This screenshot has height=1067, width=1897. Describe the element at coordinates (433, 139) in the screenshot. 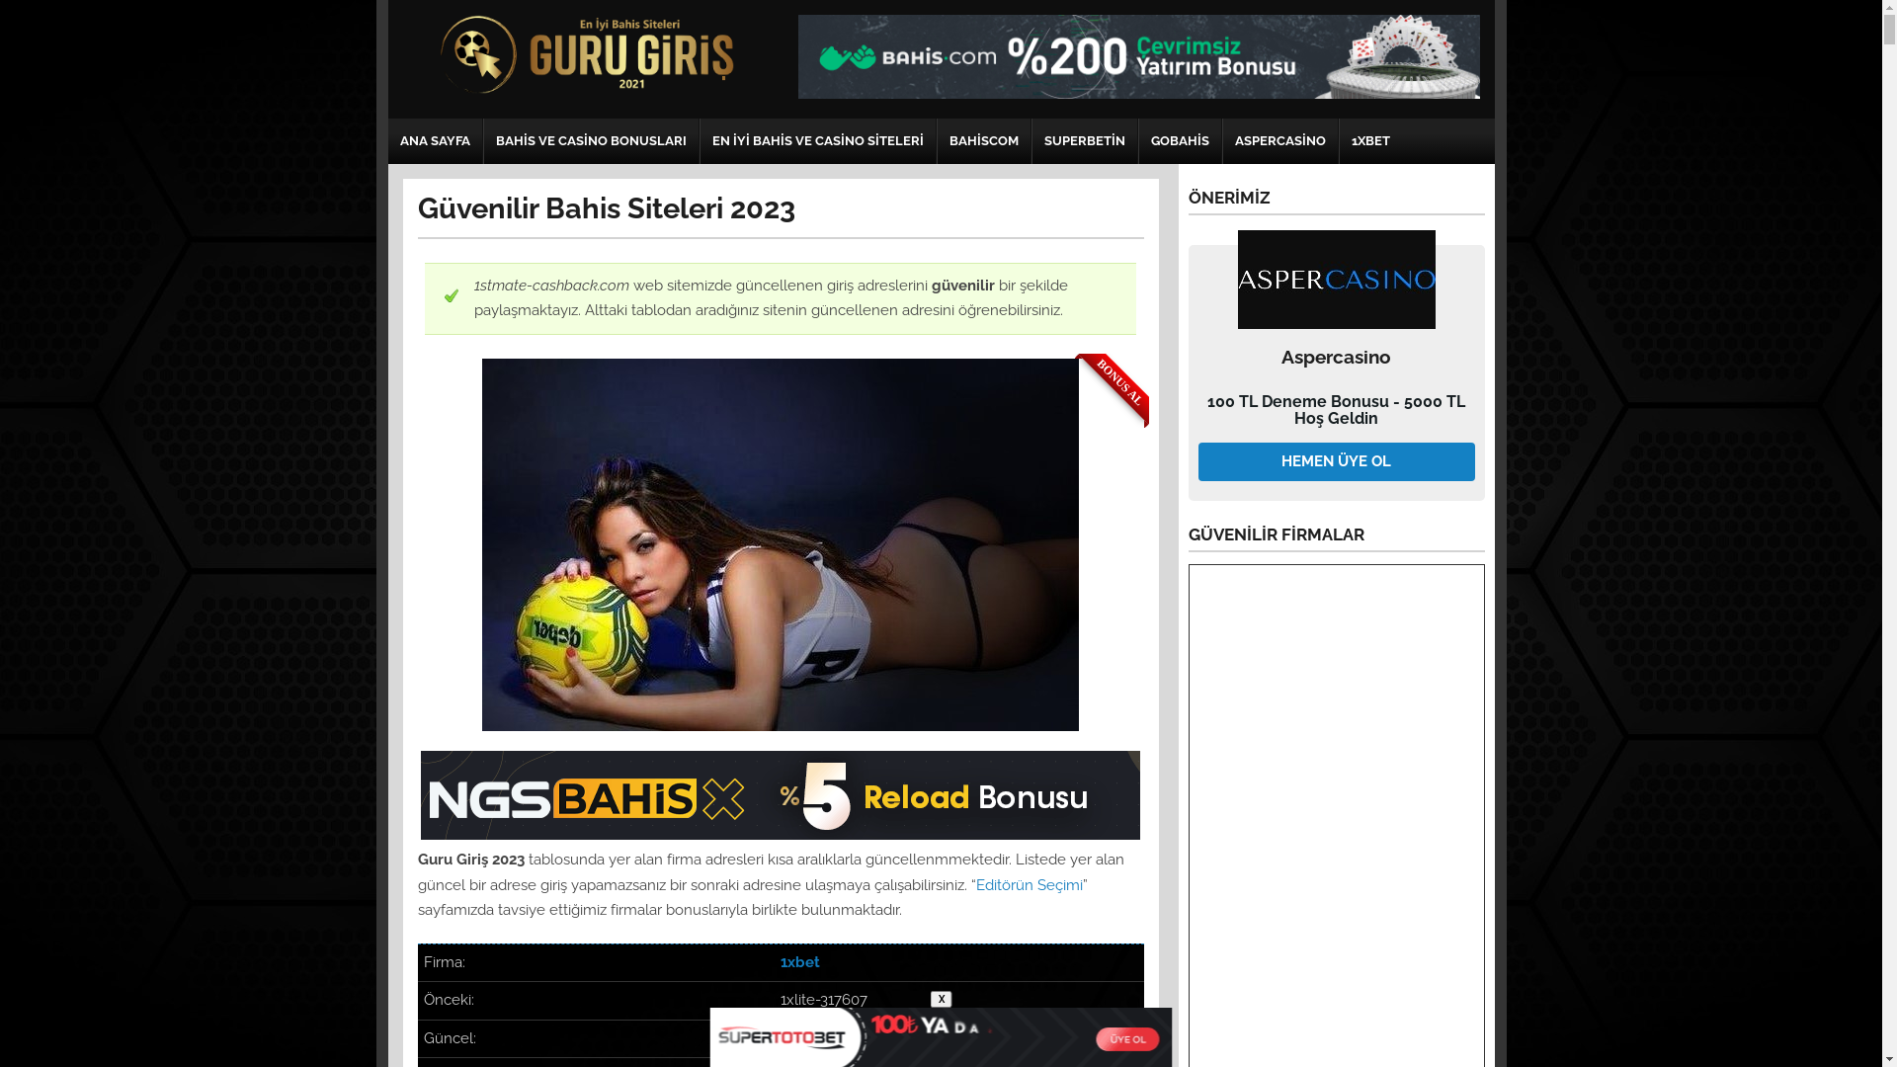

I see `'ANA SAYFA'` at that location.